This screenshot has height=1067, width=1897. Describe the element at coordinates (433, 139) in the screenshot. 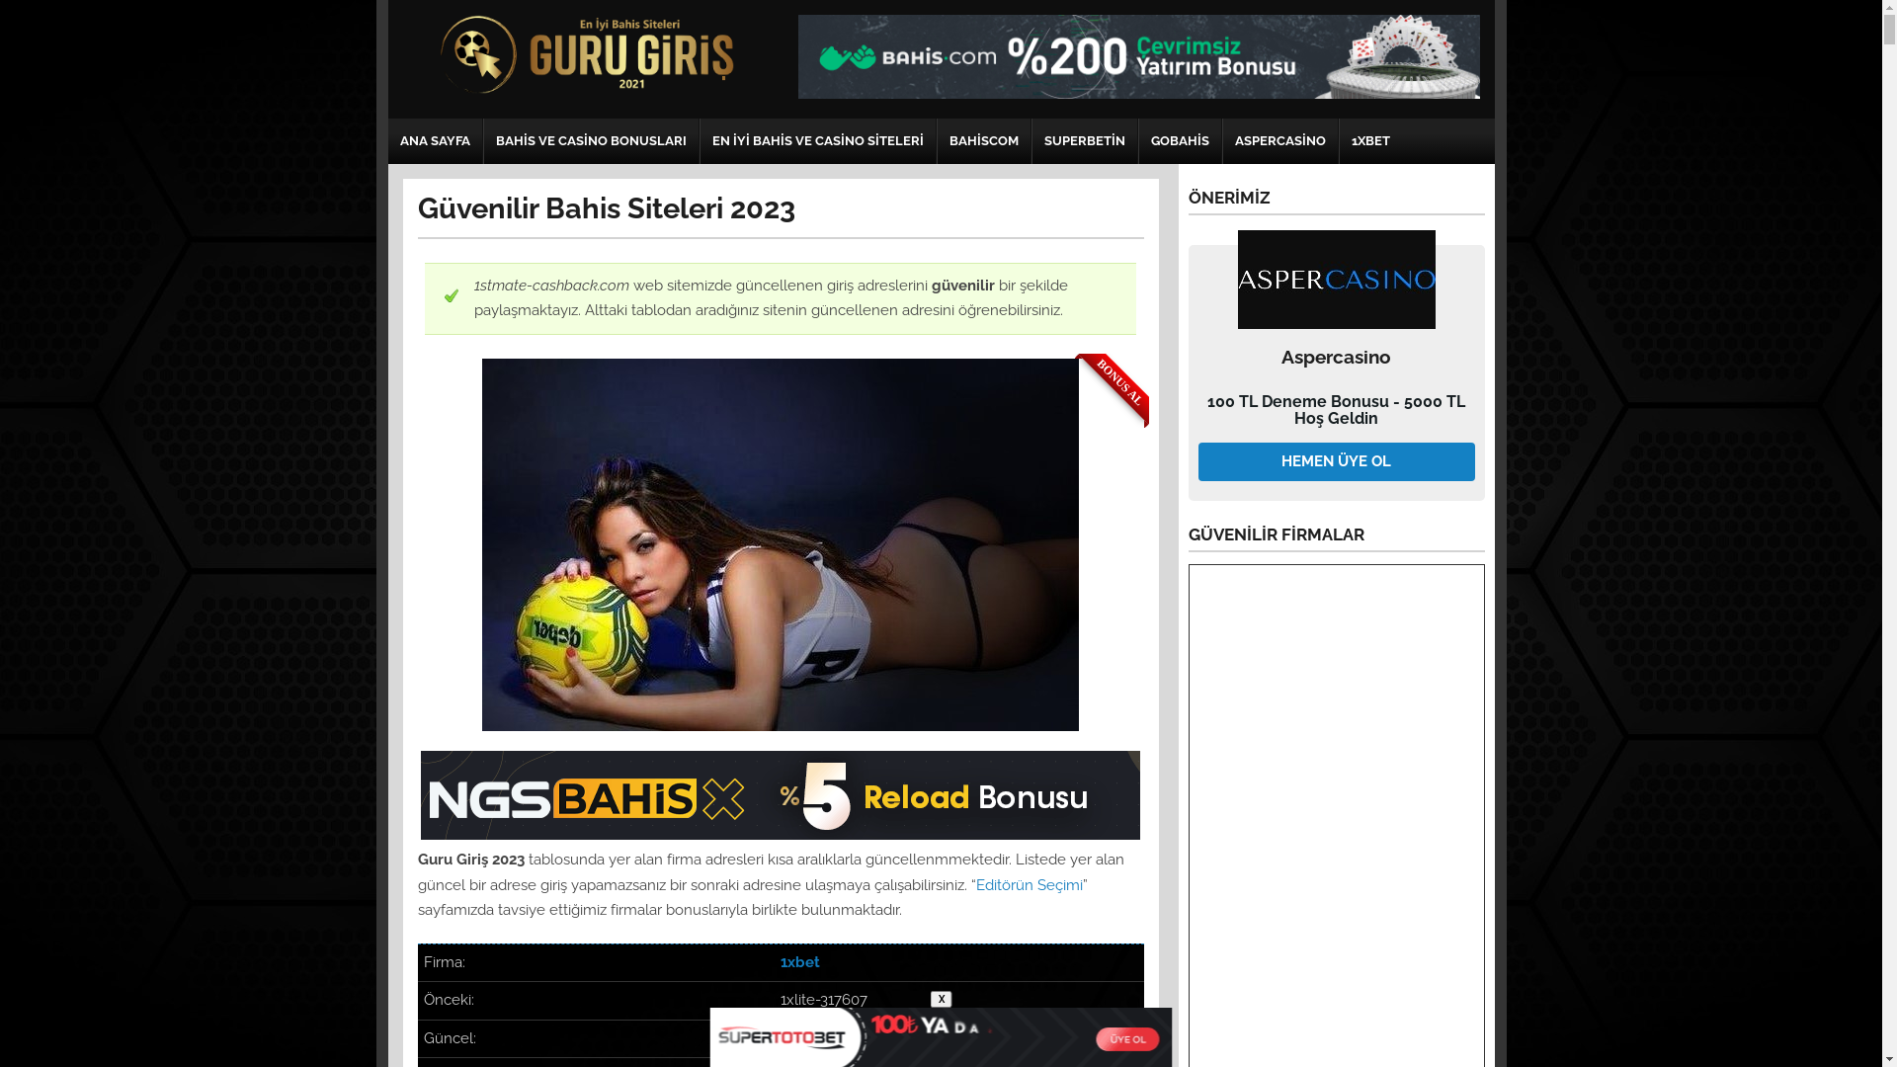

I see `'ANA SAYFA'` at that location.